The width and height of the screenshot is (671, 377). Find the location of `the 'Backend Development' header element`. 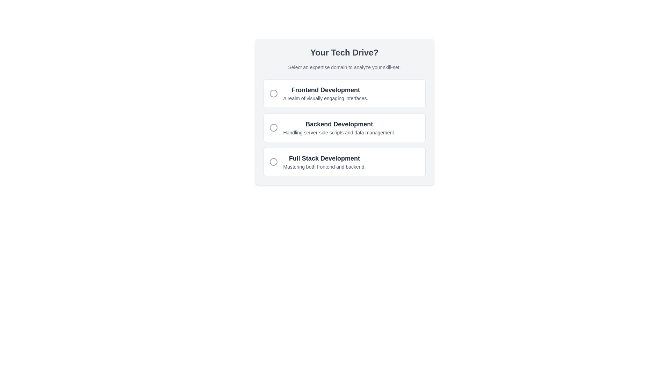

the 'Backend Development' header element is located at coordinates (339, 124).